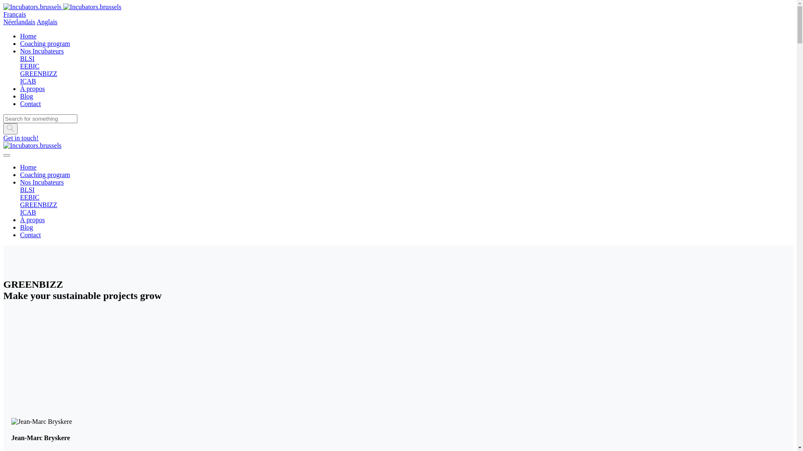 Image resolution: width=803 pixels, height=451 pixels. Describe the element at coordinates (27, 190) in the screenshot. I see `'BLSI'` at that location.